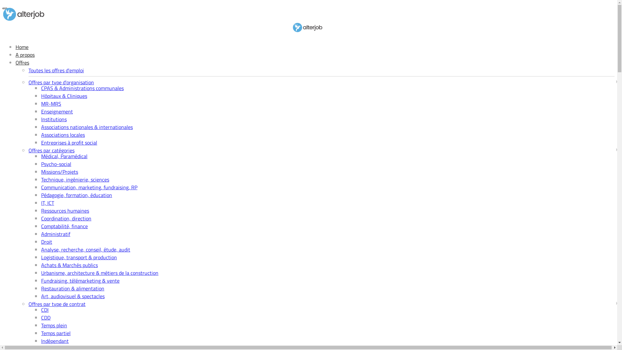 The width and height of the screenshot is (622, 350). Describe the element at coordinates (59, 171) in the screenshot. I see `'Missions/Projets'` at that location.